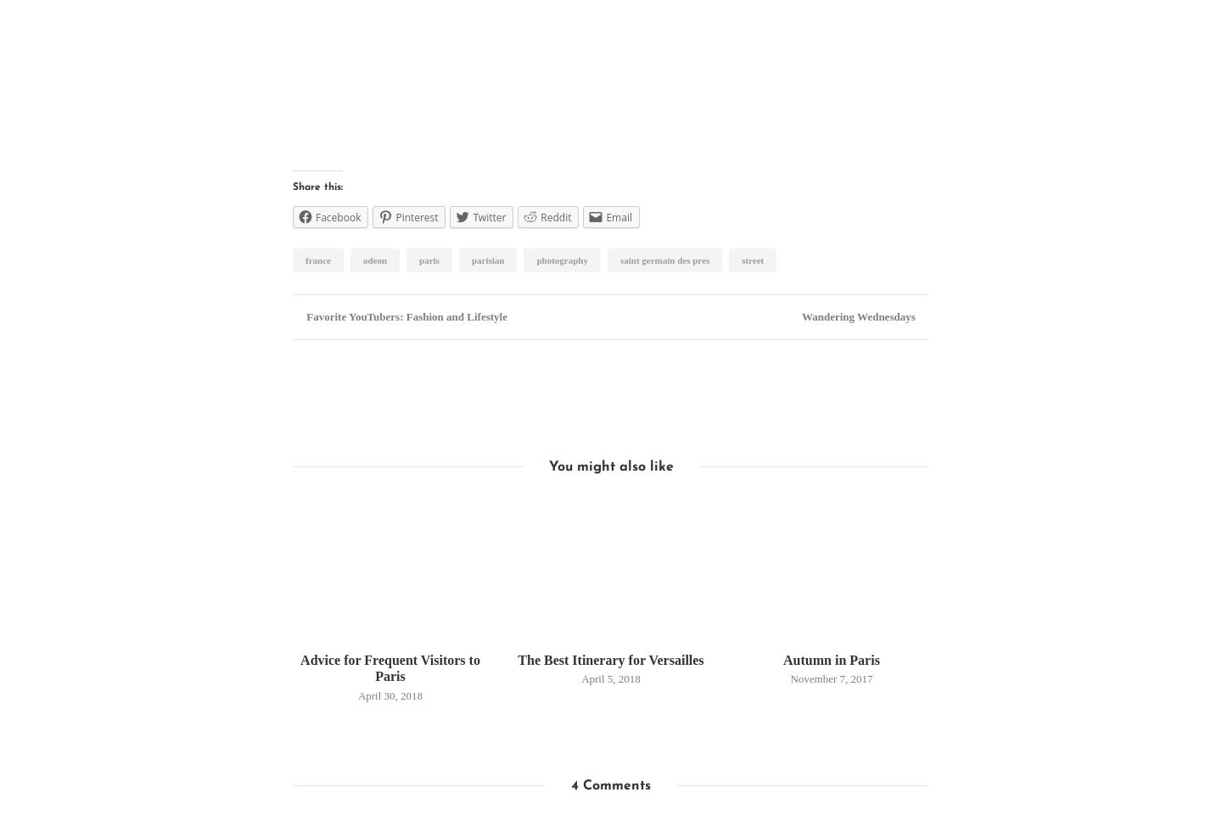 This screenshot has height=837, width=1222. I want to click on 'Wandering Wednesdays', so click(859, 316).